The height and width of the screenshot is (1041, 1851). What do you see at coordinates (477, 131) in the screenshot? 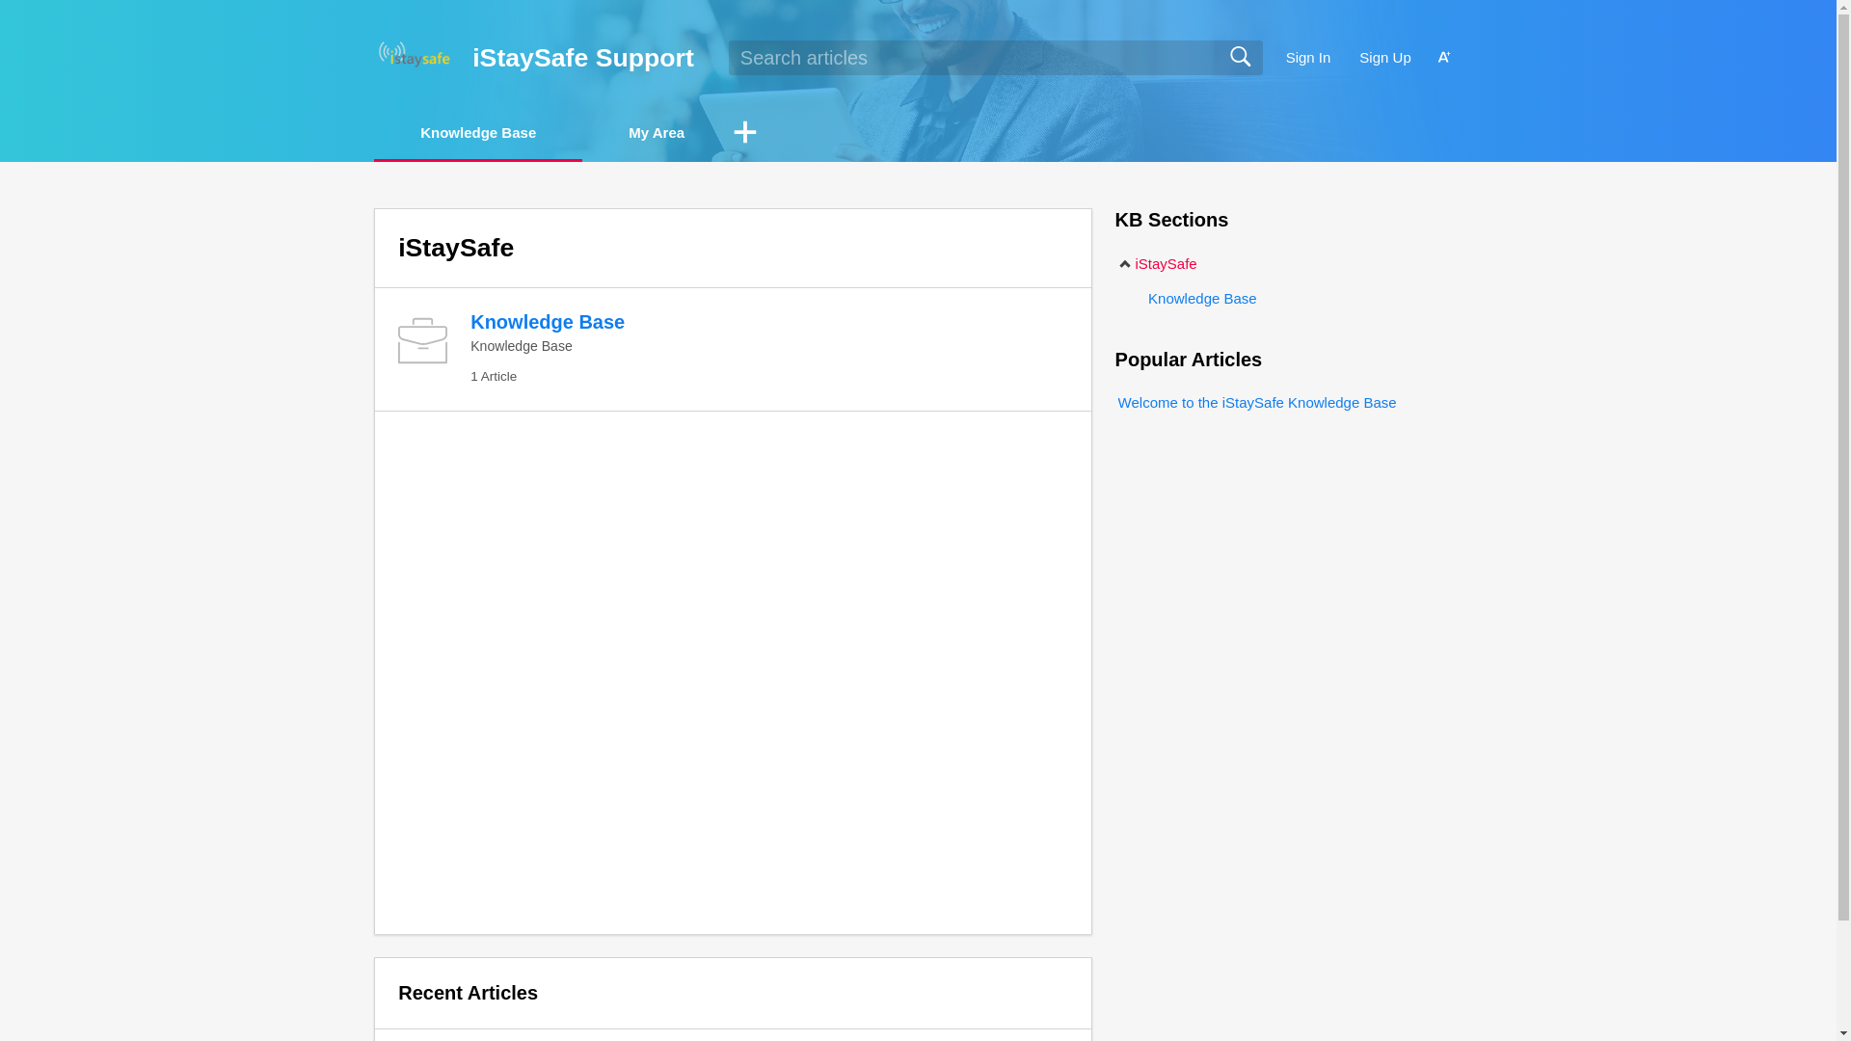
I see `'Knowledge Base'` at bounding box center [477, 131].